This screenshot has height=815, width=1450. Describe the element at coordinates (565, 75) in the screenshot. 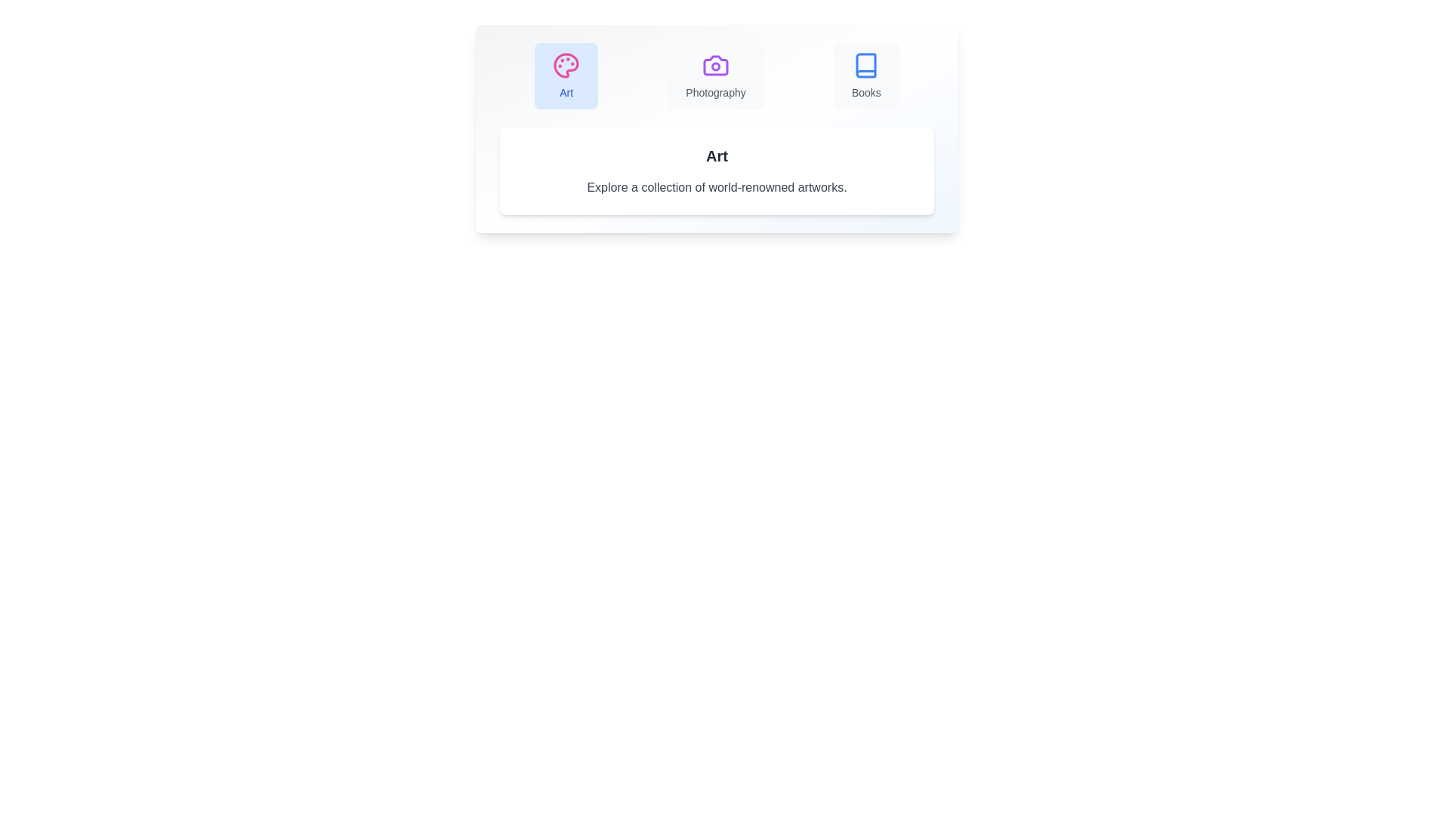

I see `the Art tab to view its content` at that location.